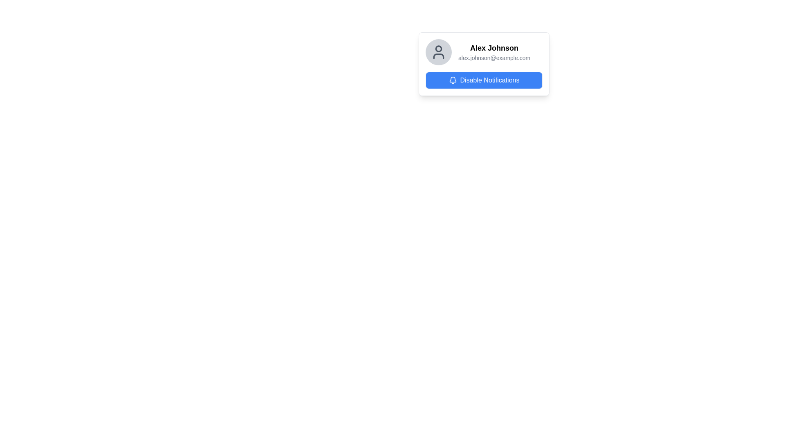 The width and height of the screenshot is (785, 441). I want to click on the user identifier text label that displays the name and email address, located above the 'Disable Notifications' button within the card layout, so click(494, 52).